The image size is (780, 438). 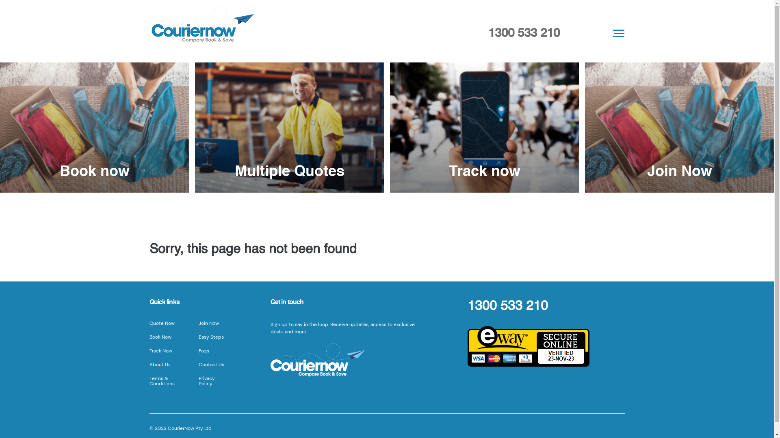 I want to click on 'Join Now', so click(x=679, y=127).